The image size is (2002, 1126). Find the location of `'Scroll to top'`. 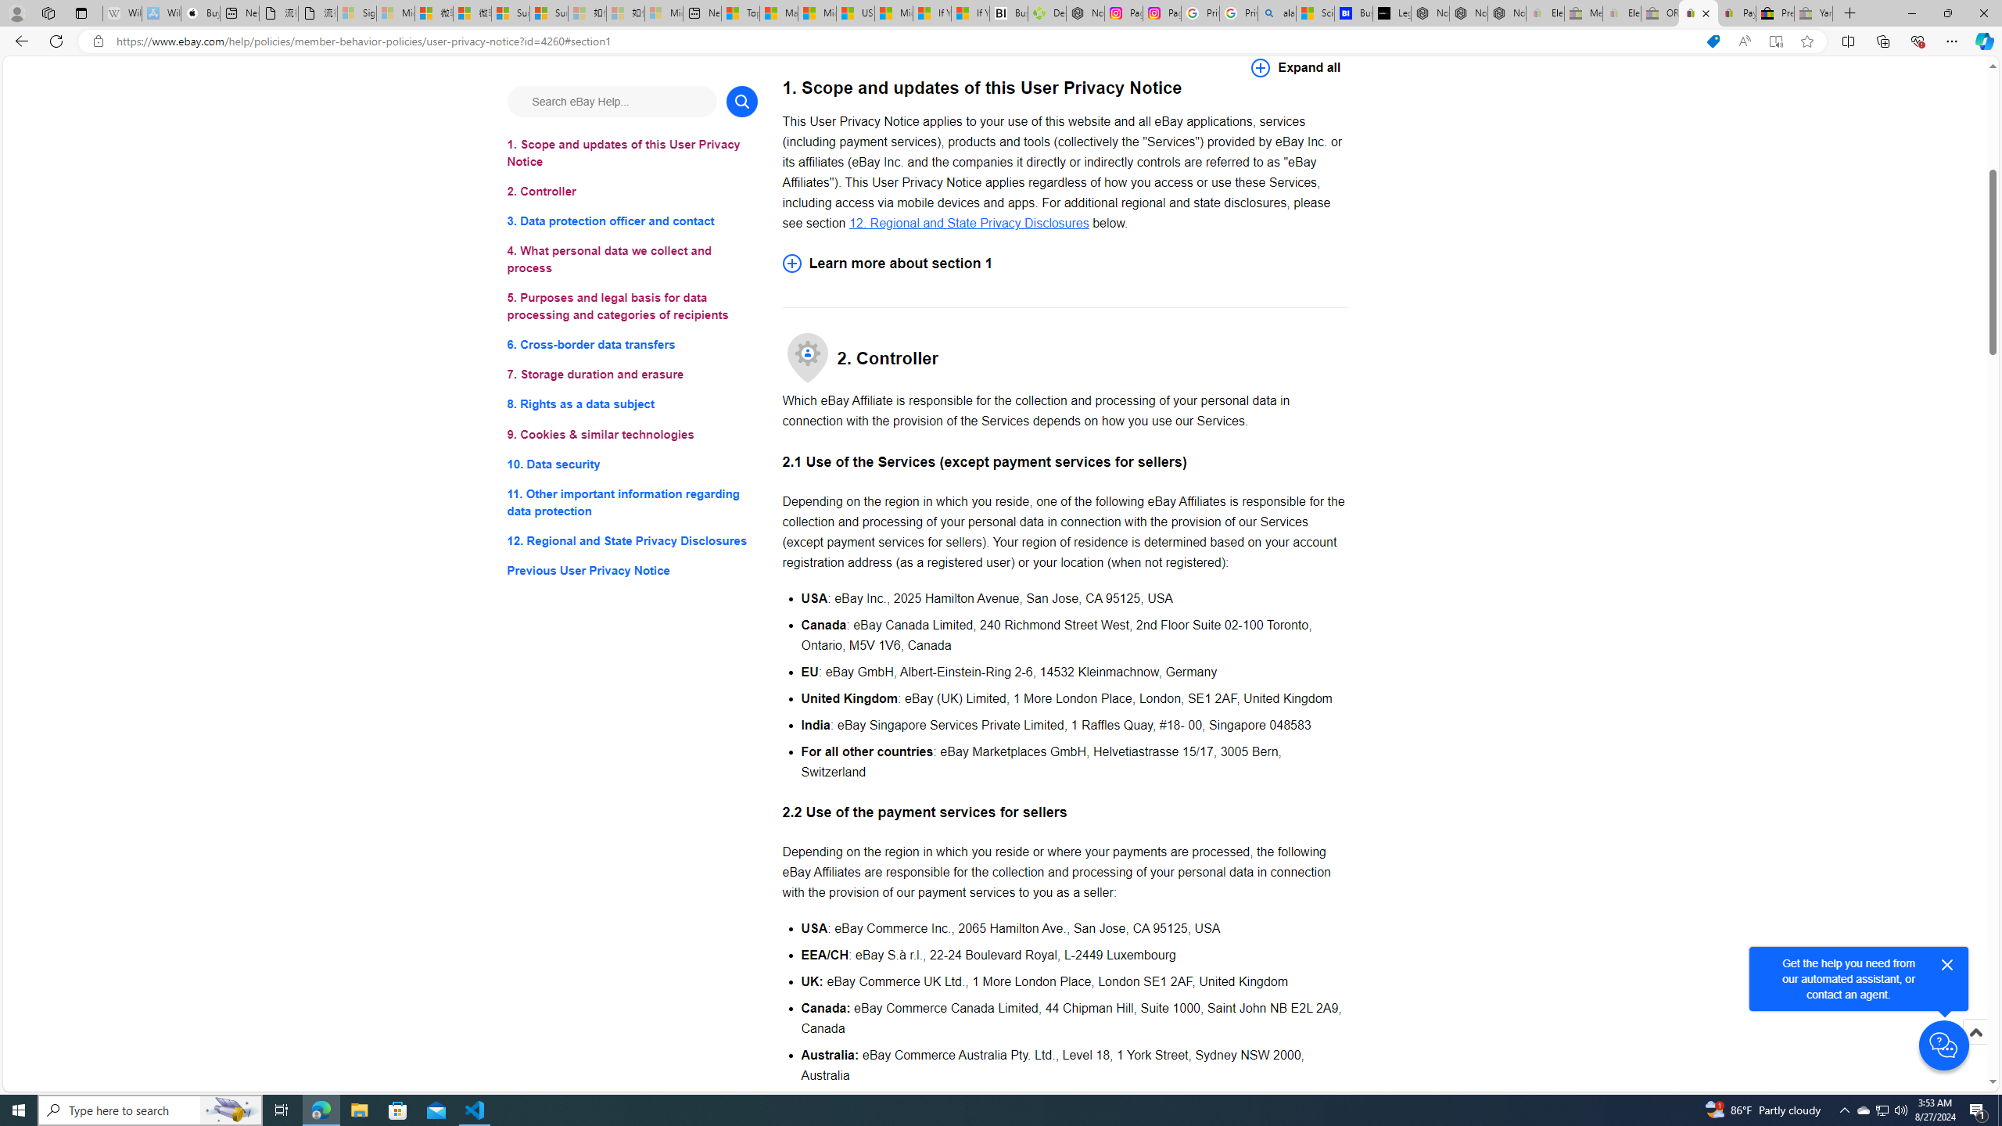

'Scroll to top' is located at coordinates (1974, 1031).